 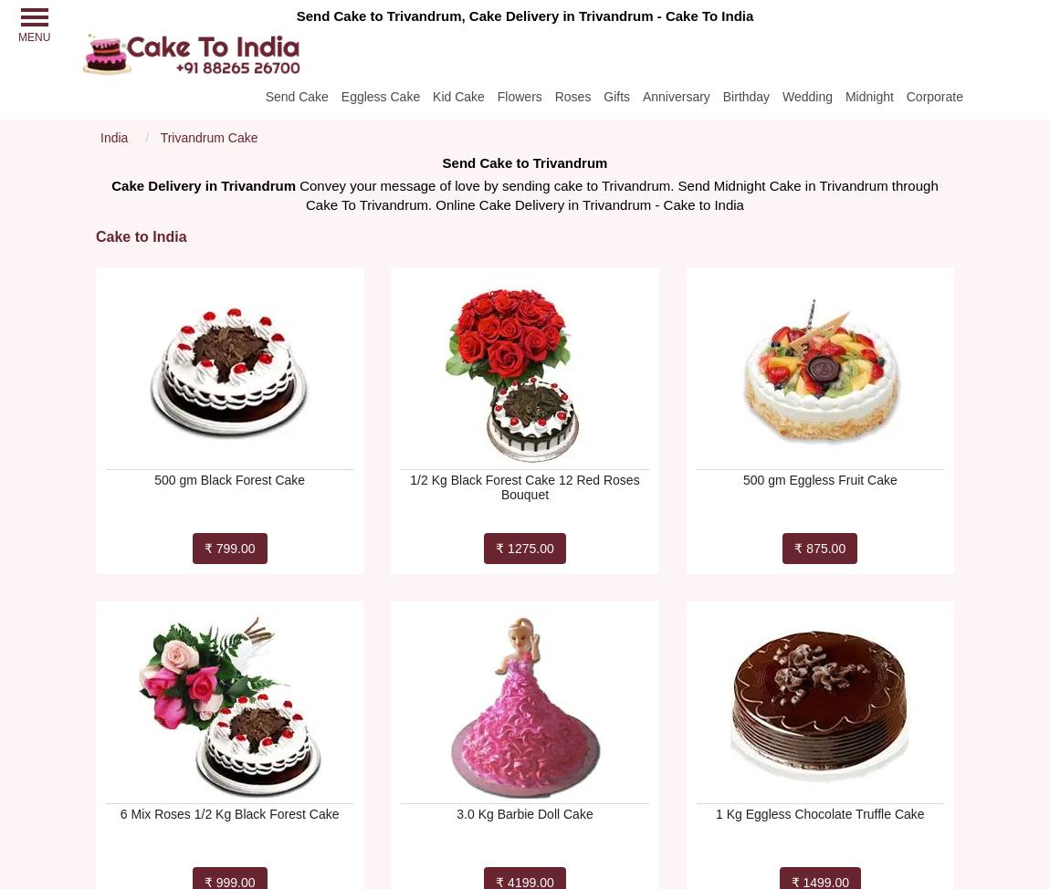 I want to click on 'Gifts', so click(x=615, y=95).